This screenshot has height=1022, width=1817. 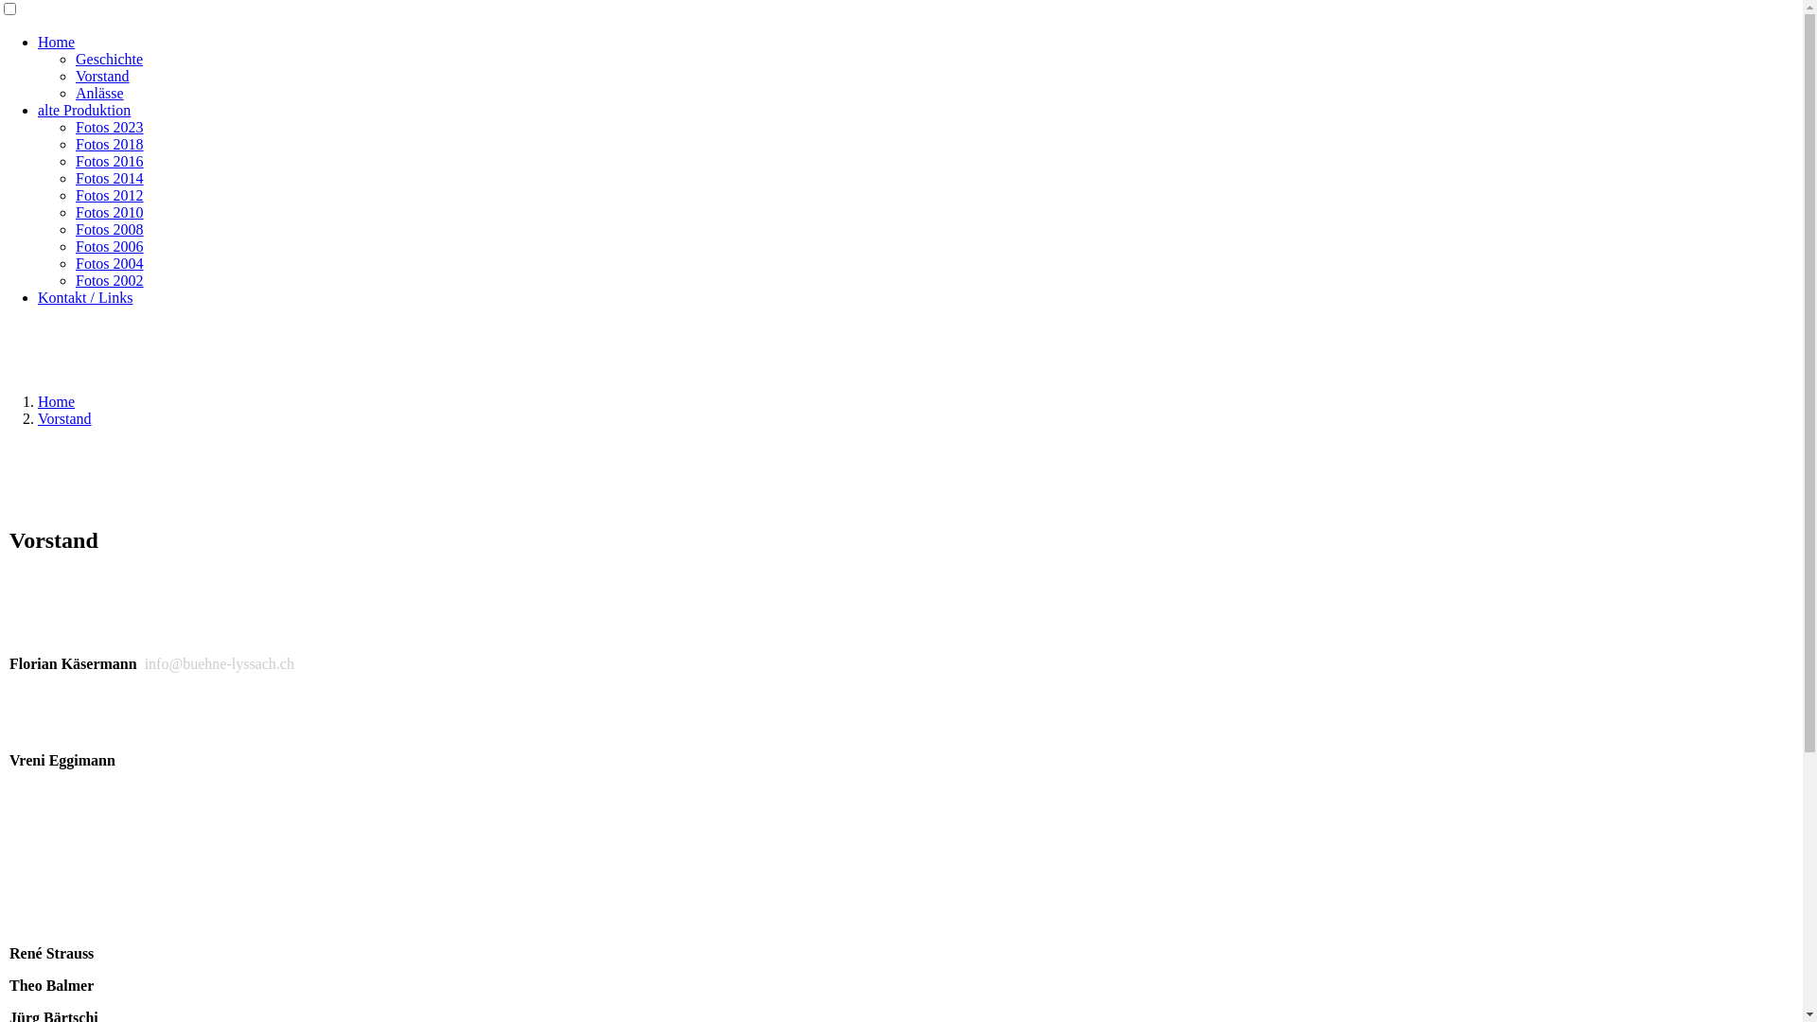 I want to click on 'Fotos 2002', so click(x=108, y=280).